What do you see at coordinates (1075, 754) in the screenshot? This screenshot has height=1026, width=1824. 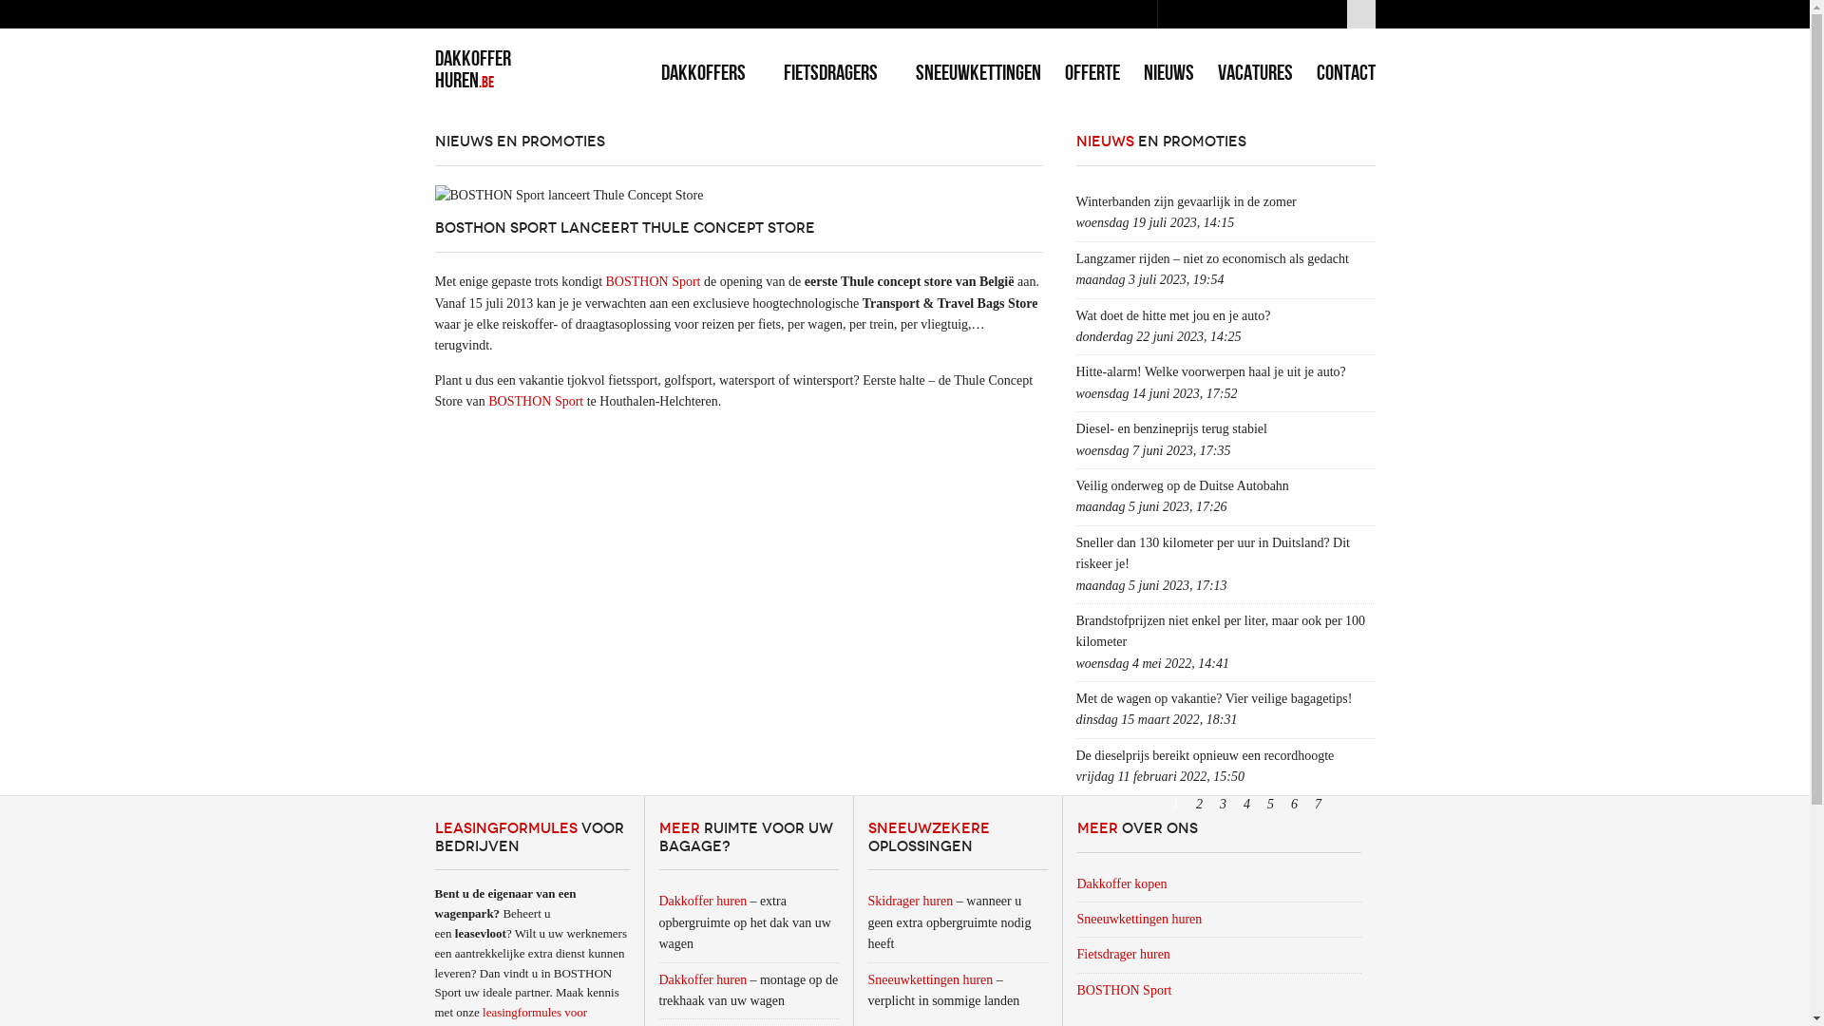 I see `'De dieselprijs bereikt opnieuw een recordhoogte'` at bounding box center [1075, 754].